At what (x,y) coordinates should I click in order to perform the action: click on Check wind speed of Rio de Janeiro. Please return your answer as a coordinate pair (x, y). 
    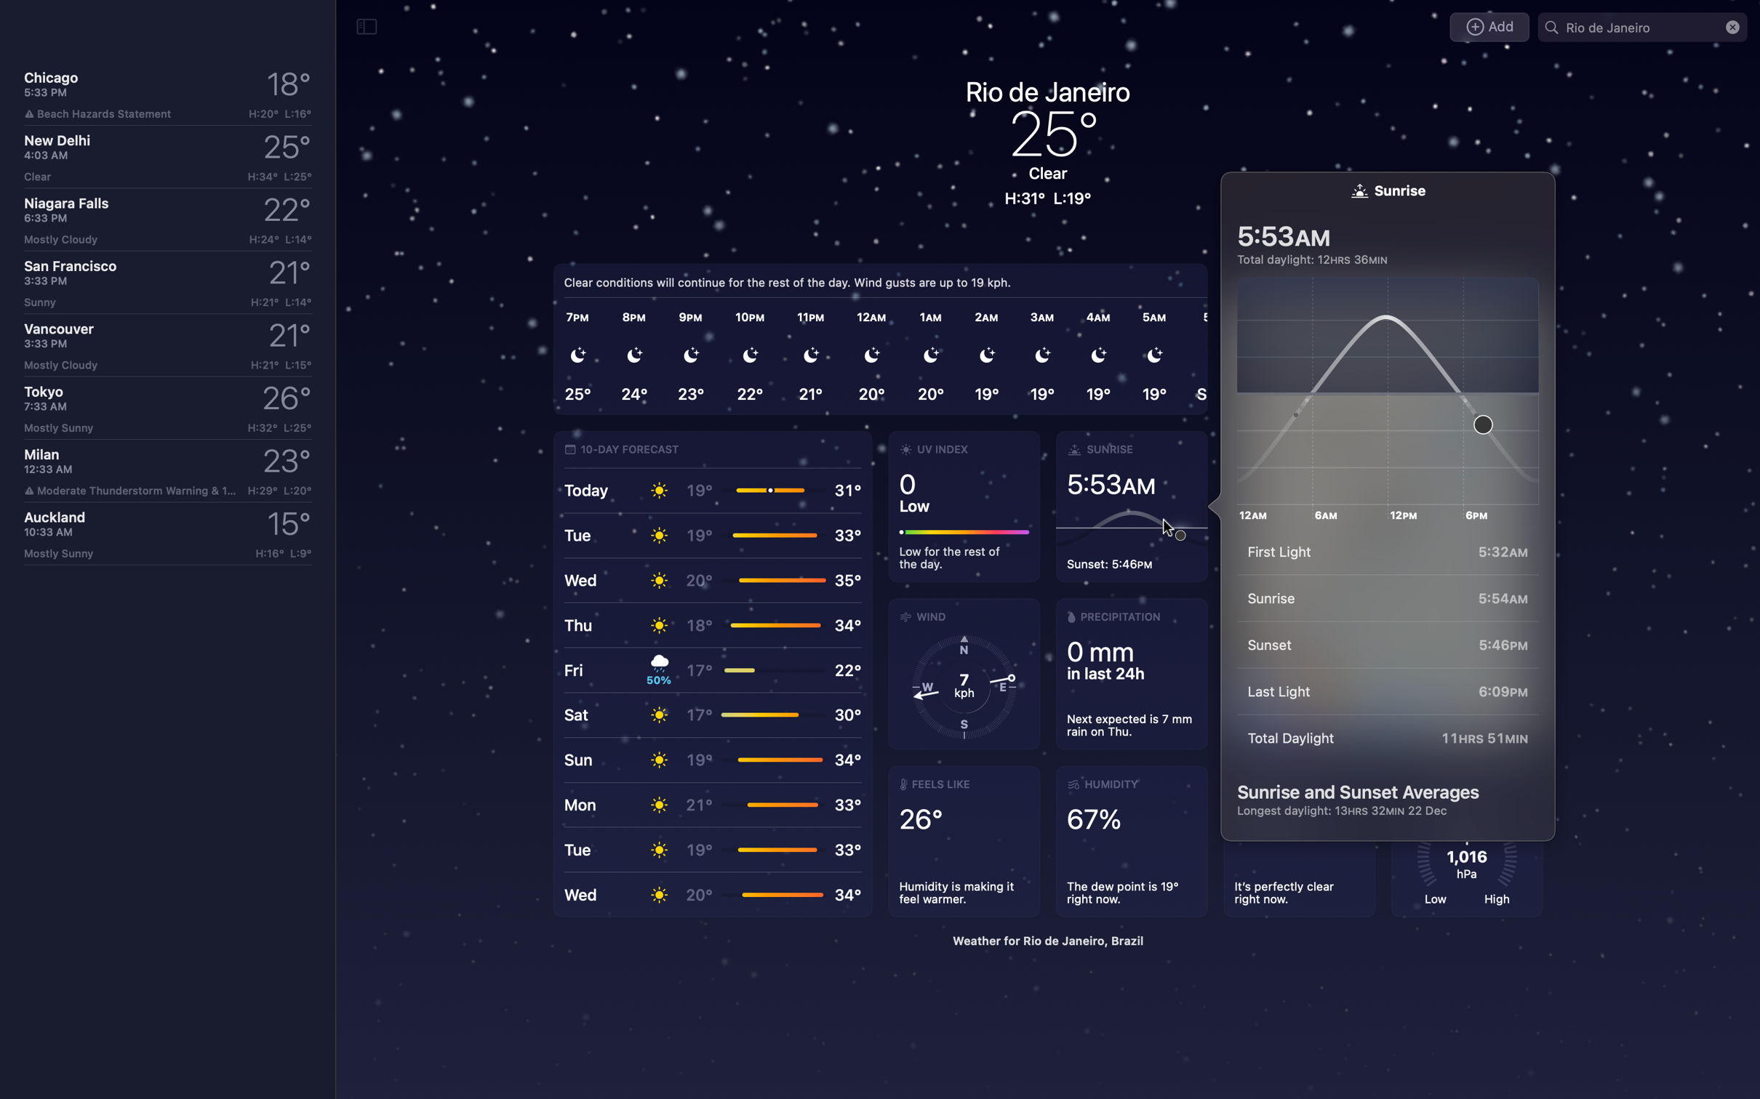
    Looking at the image, I should click on (964, 673).